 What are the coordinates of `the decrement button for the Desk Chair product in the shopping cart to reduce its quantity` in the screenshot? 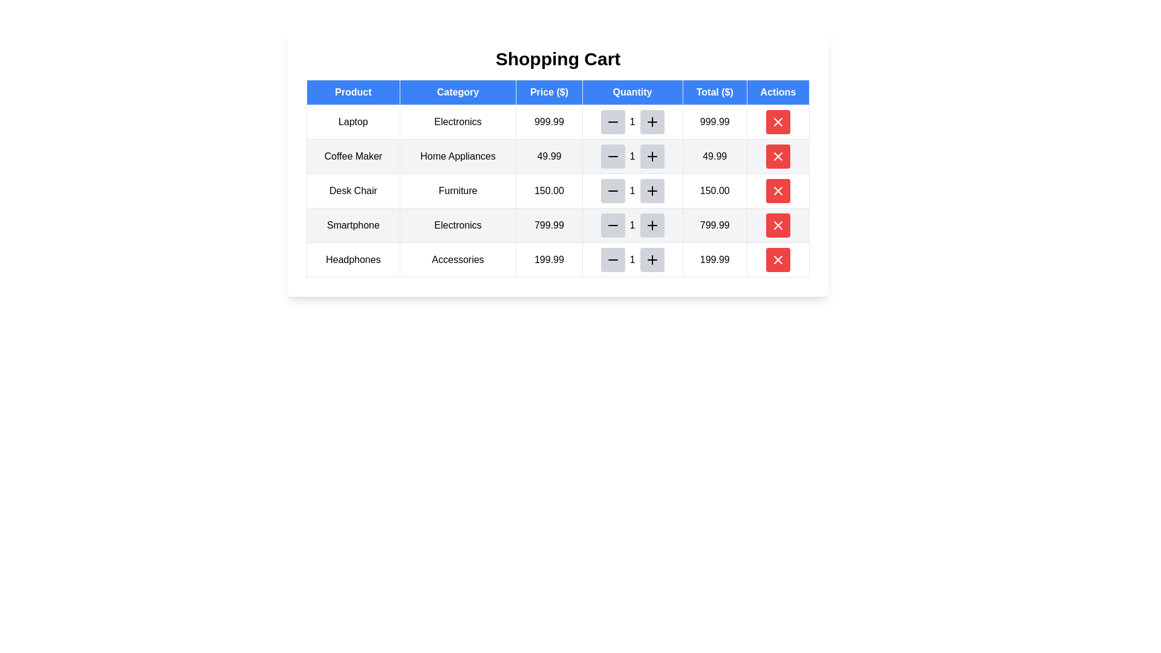 It's located at (613, 190).